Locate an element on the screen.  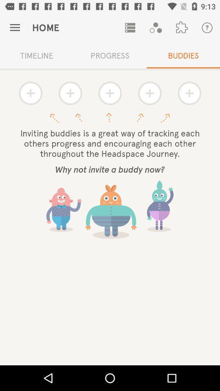
the icon above progress icon is located at coordinates (130, 28).